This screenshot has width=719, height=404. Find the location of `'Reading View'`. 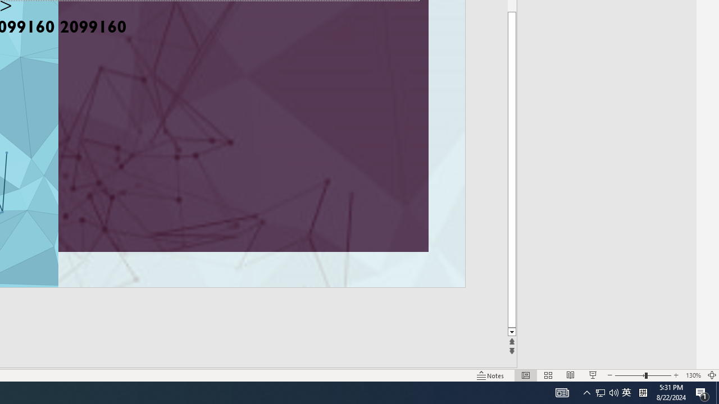

'Reading View' is located at coordinates (570, 375).